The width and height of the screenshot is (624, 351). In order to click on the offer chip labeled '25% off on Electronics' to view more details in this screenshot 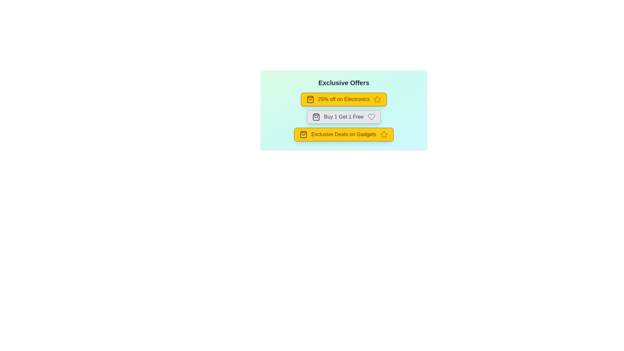, I will do `click(343, 99)`.